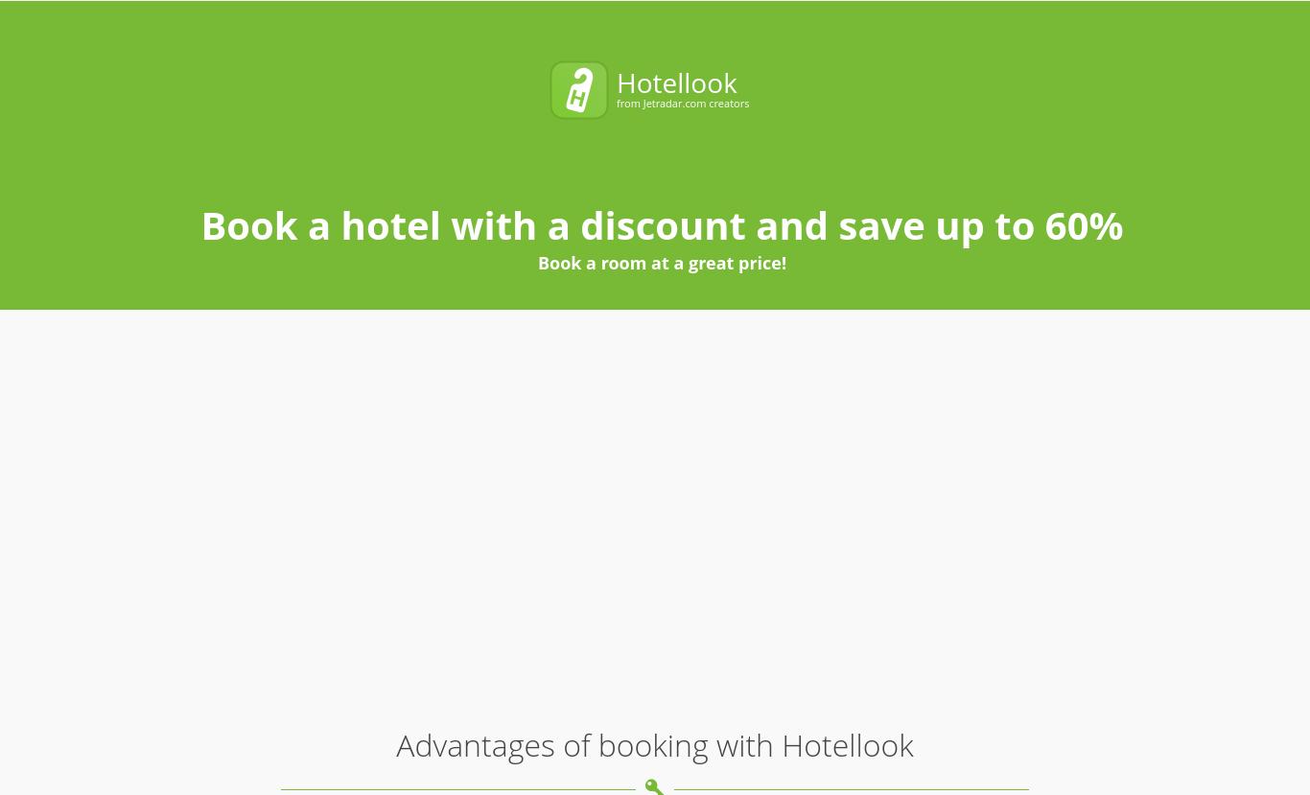 The width and height of the screenshot is (1310, 795). I want to click on 'Guests', so click(844, 37).